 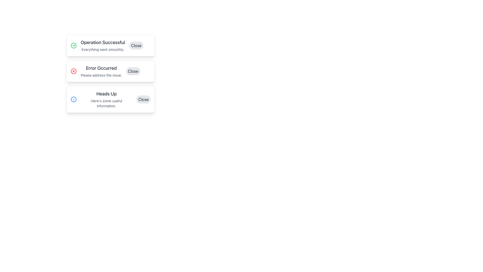 What do you see at coordinates (110, 46) in the screenshot?
I see `the first notification card that conveys a success message, located at the top of the stacked cards, to observe any hover effect` at bounding box center [110, 46].